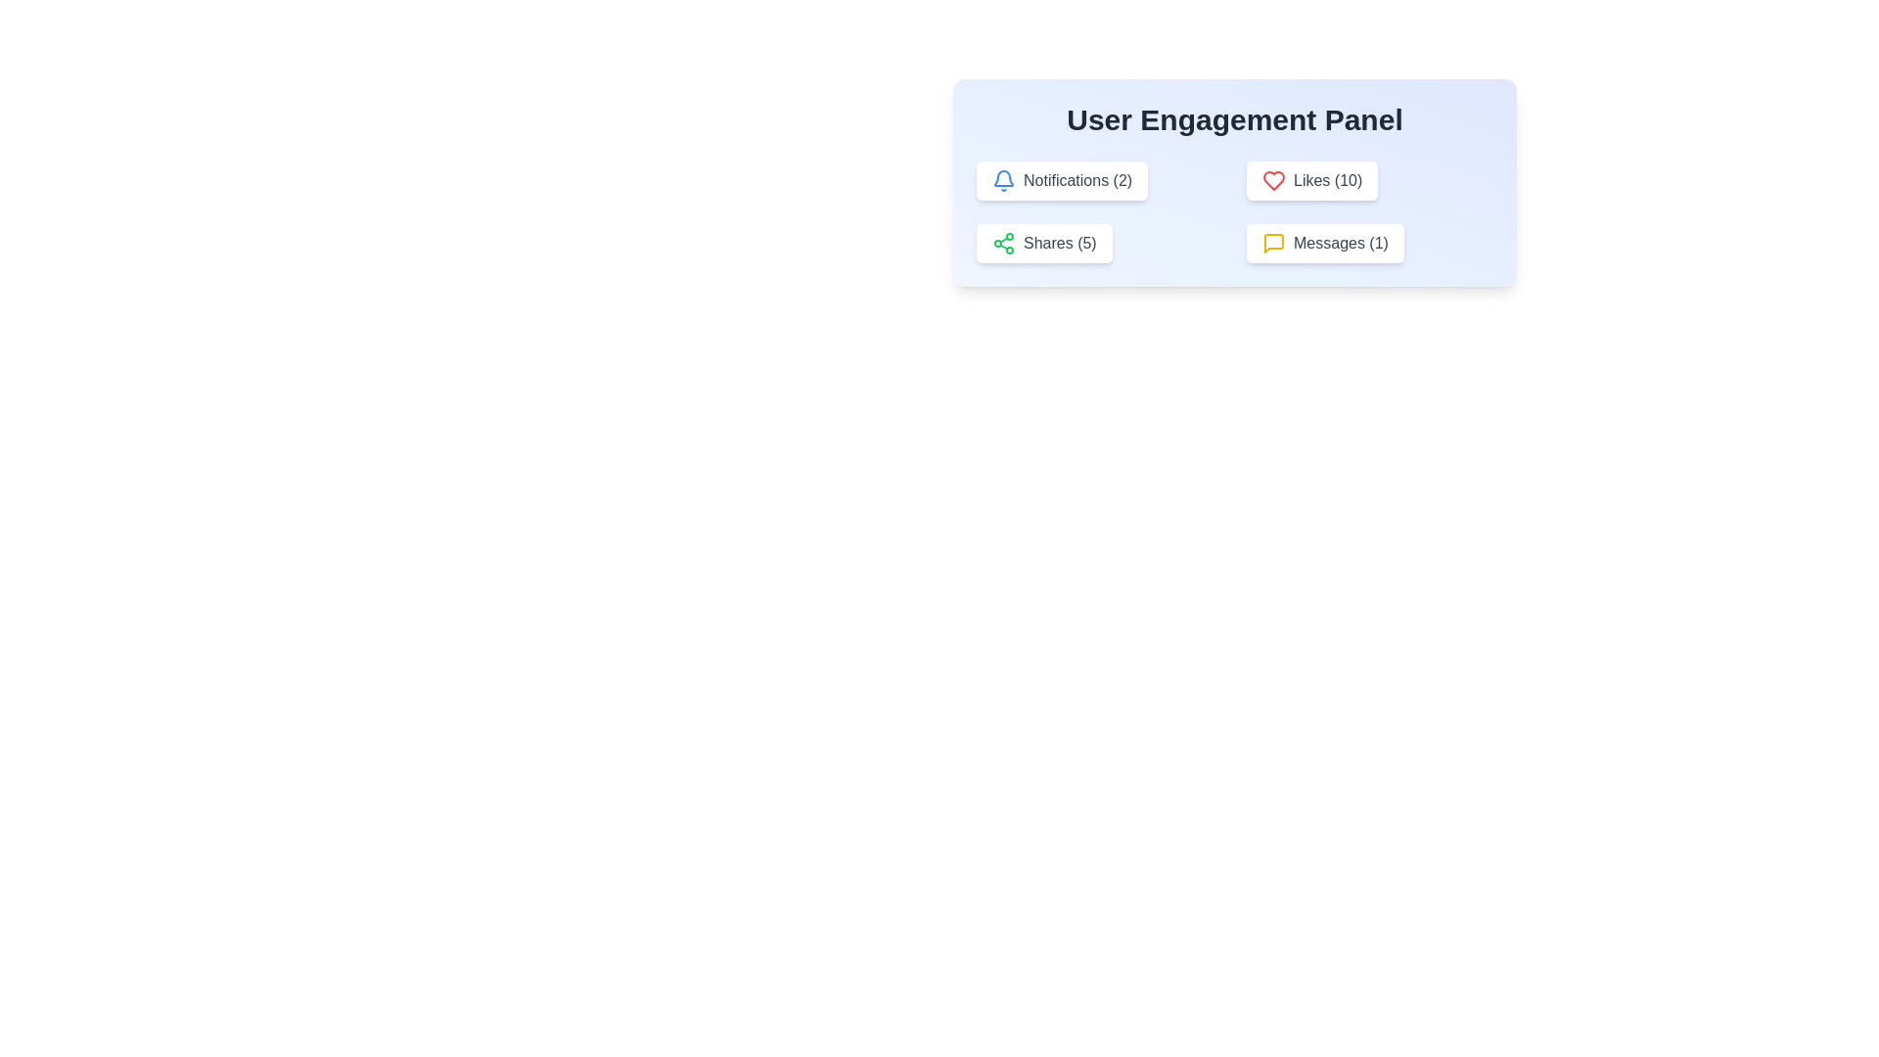 The height and width of the screenshot is (1057, 1879). Describe the element at coordinates (1340, 243) in the screenshot. I see `the 'Messages' text label that indicates unread messages, located in the bottom-right cell of the User Engagement Panel, next to a yellow speech bubble icon` at that location.